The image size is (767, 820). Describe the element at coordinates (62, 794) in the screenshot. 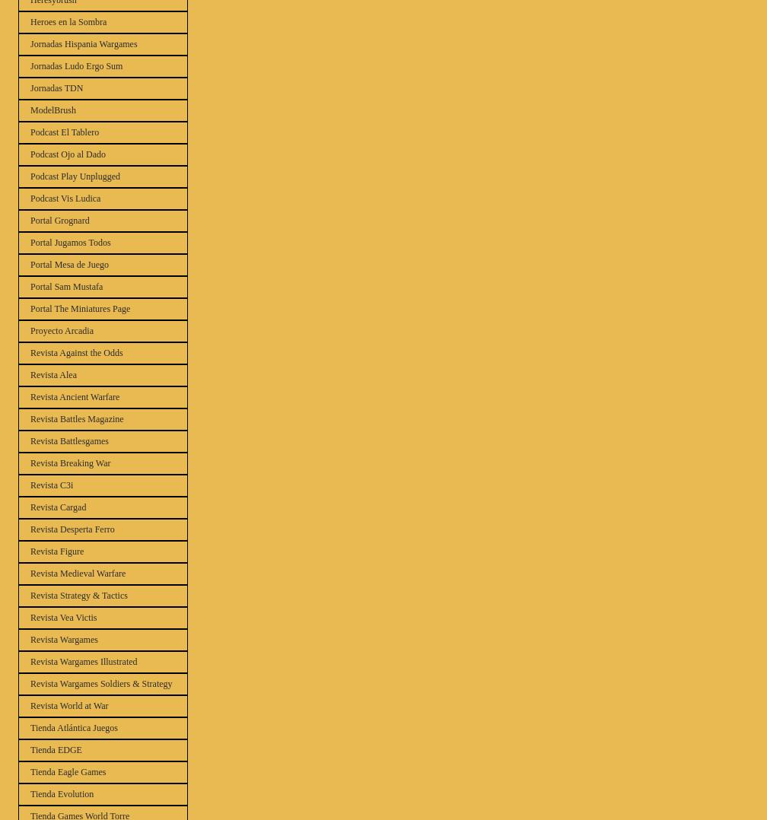

I see `'Tienda Evolution'` at that location.